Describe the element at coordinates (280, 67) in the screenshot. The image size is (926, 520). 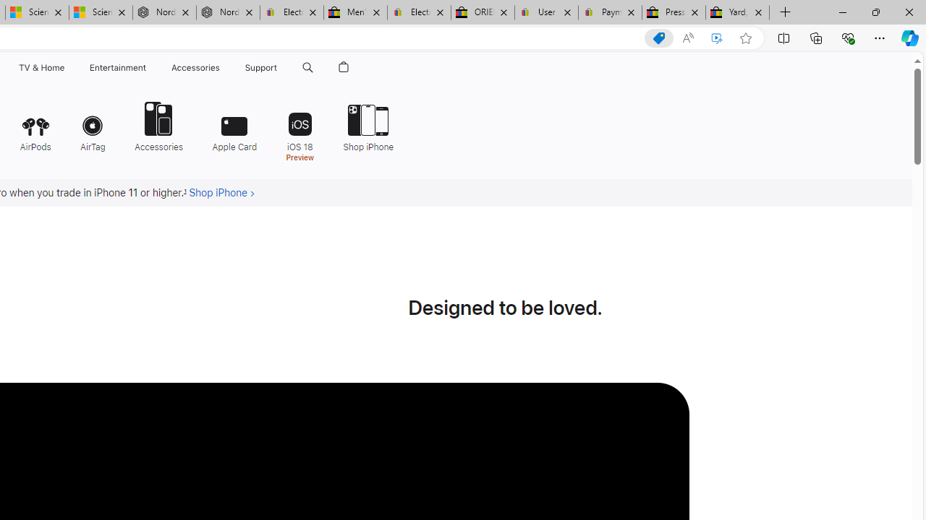
I see `'Support menu'` at that location.